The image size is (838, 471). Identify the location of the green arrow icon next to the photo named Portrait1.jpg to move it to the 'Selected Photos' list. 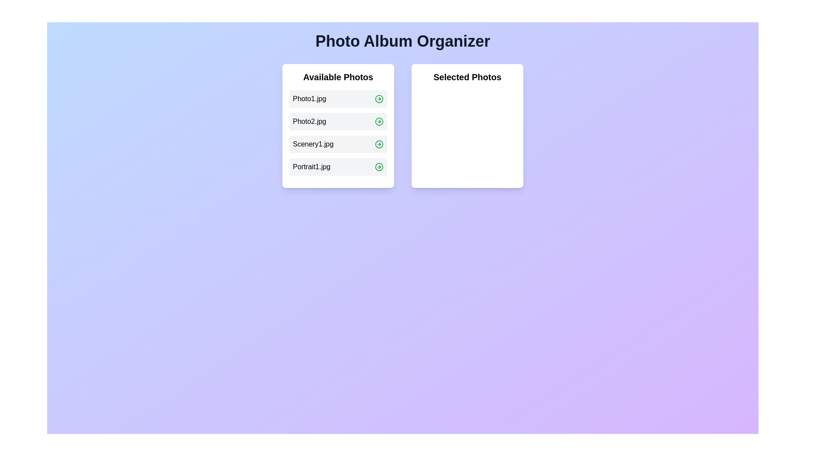
(379, 167).